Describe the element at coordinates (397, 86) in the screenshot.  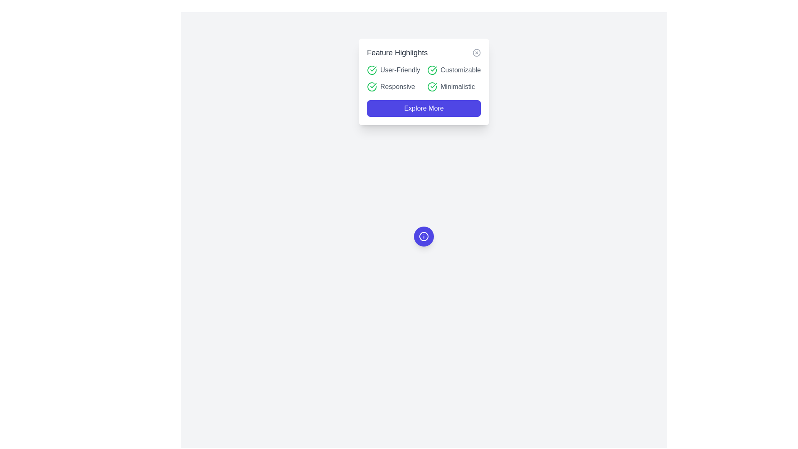
I see `the 'Responsive' text label located in the 'Feature Highlights' panel, which is the third item in the vertical list of feature descriptions` at that location.